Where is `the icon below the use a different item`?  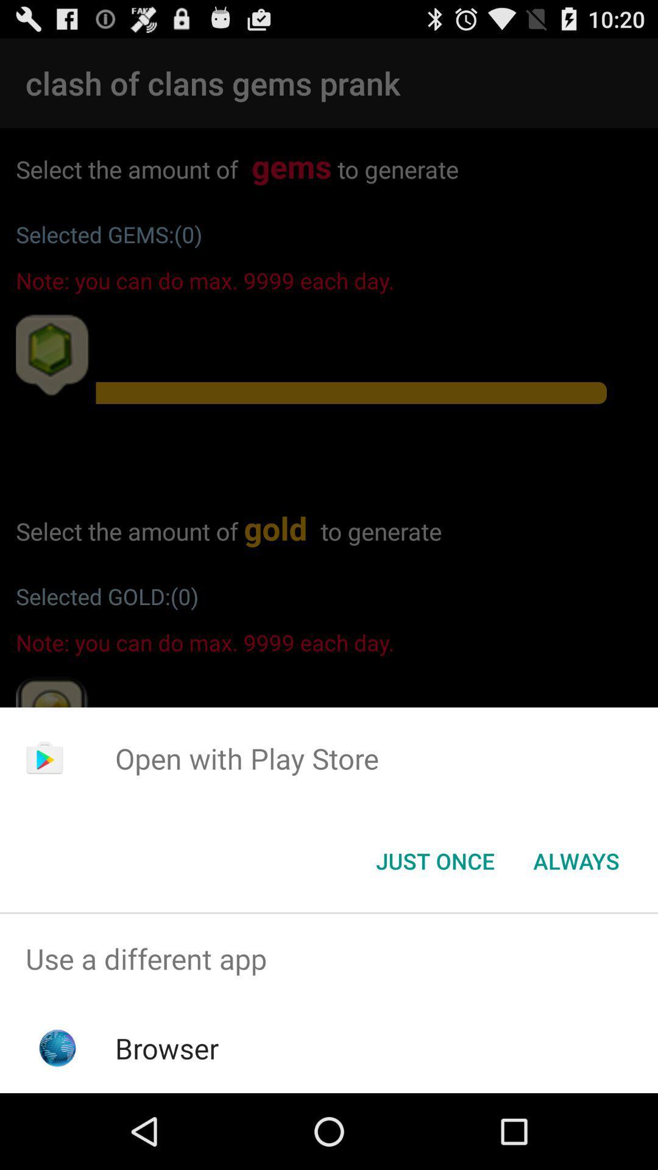 the icon below the use a different item is located at coordinates (167, 1048).